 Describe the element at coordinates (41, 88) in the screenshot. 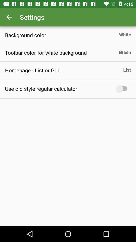

I see `the icon below the homepage list or` at that location.